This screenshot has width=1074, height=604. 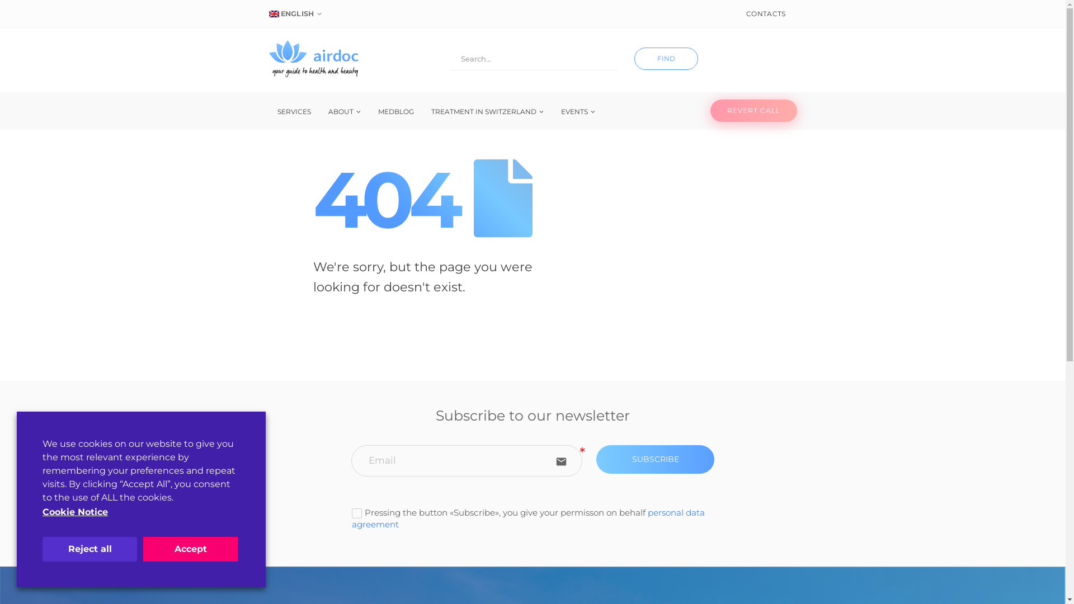 I want to click on 'TREATMENT IN SWITZERLAND', so click(x=487, y=112).